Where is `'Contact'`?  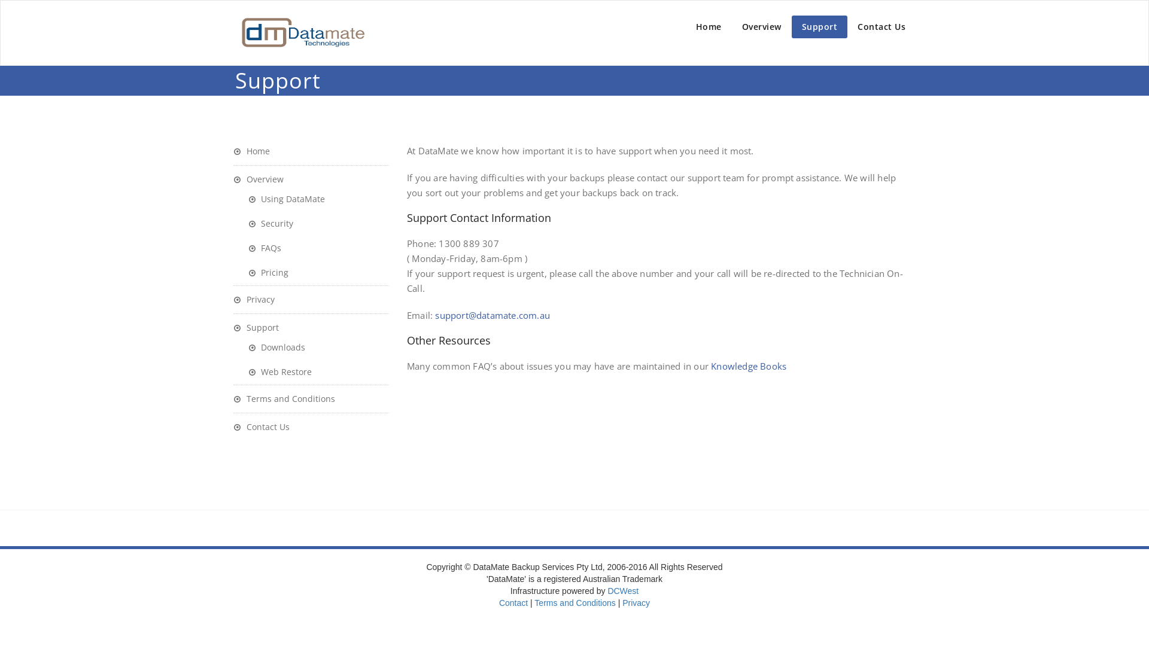
'Contact' is located at coordinates (499, 602).